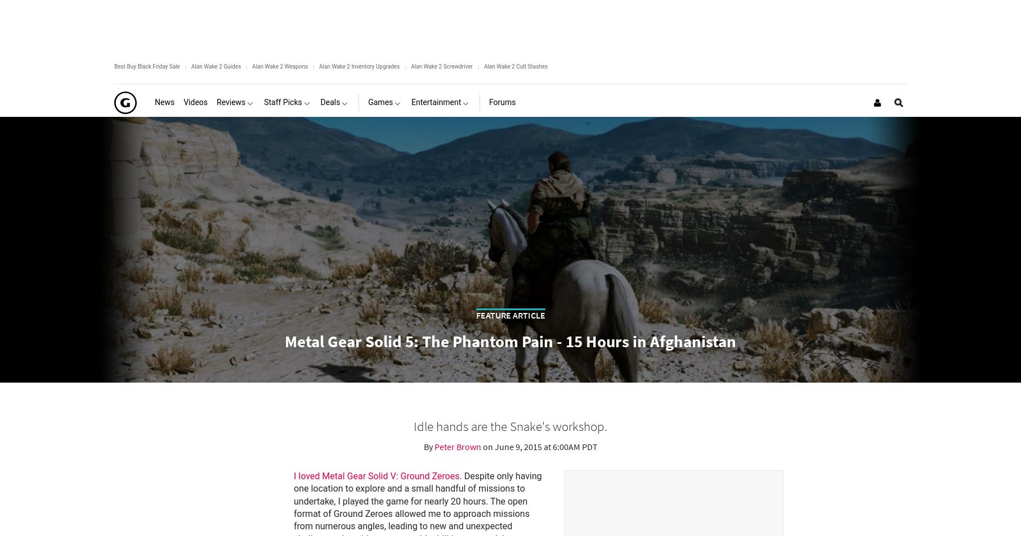 This screenshot has width=1021, height=536. What do you see at coordinates (359, 66) in the screenshot?
I see `'Alan Wake 2 Inventory Upgrades'` at bounding box center [359, 66].